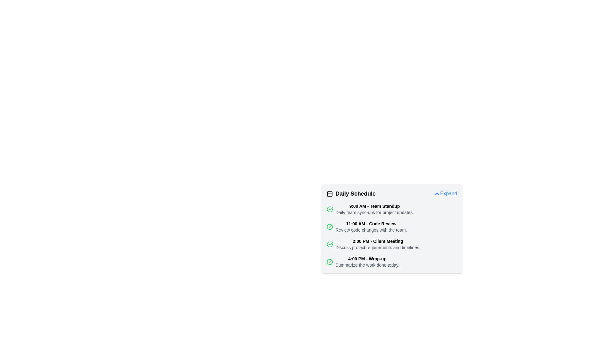  What do you see at coordinates (329, 227) in the screenshot?
I see `text '11:00 AM - Code Review' associated with the circular icon that has a green border and a checkmark inside, positioned to the left of the text` at bounding box center [329, 227].